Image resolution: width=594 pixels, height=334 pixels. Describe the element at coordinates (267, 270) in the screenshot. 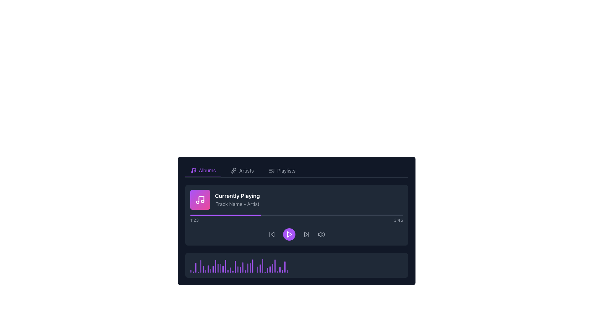

I see `the 30th vertical purple bar in the bar graph at the bottom of the music player interface` at that location.